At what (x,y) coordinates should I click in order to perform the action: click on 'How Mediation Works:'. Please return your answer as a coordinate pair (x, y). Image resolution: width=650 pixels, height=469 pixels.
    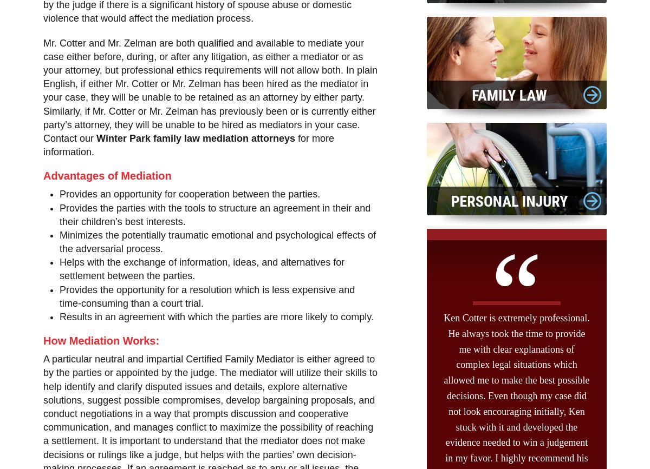
    Looking at the image, I should click on (100, 340).